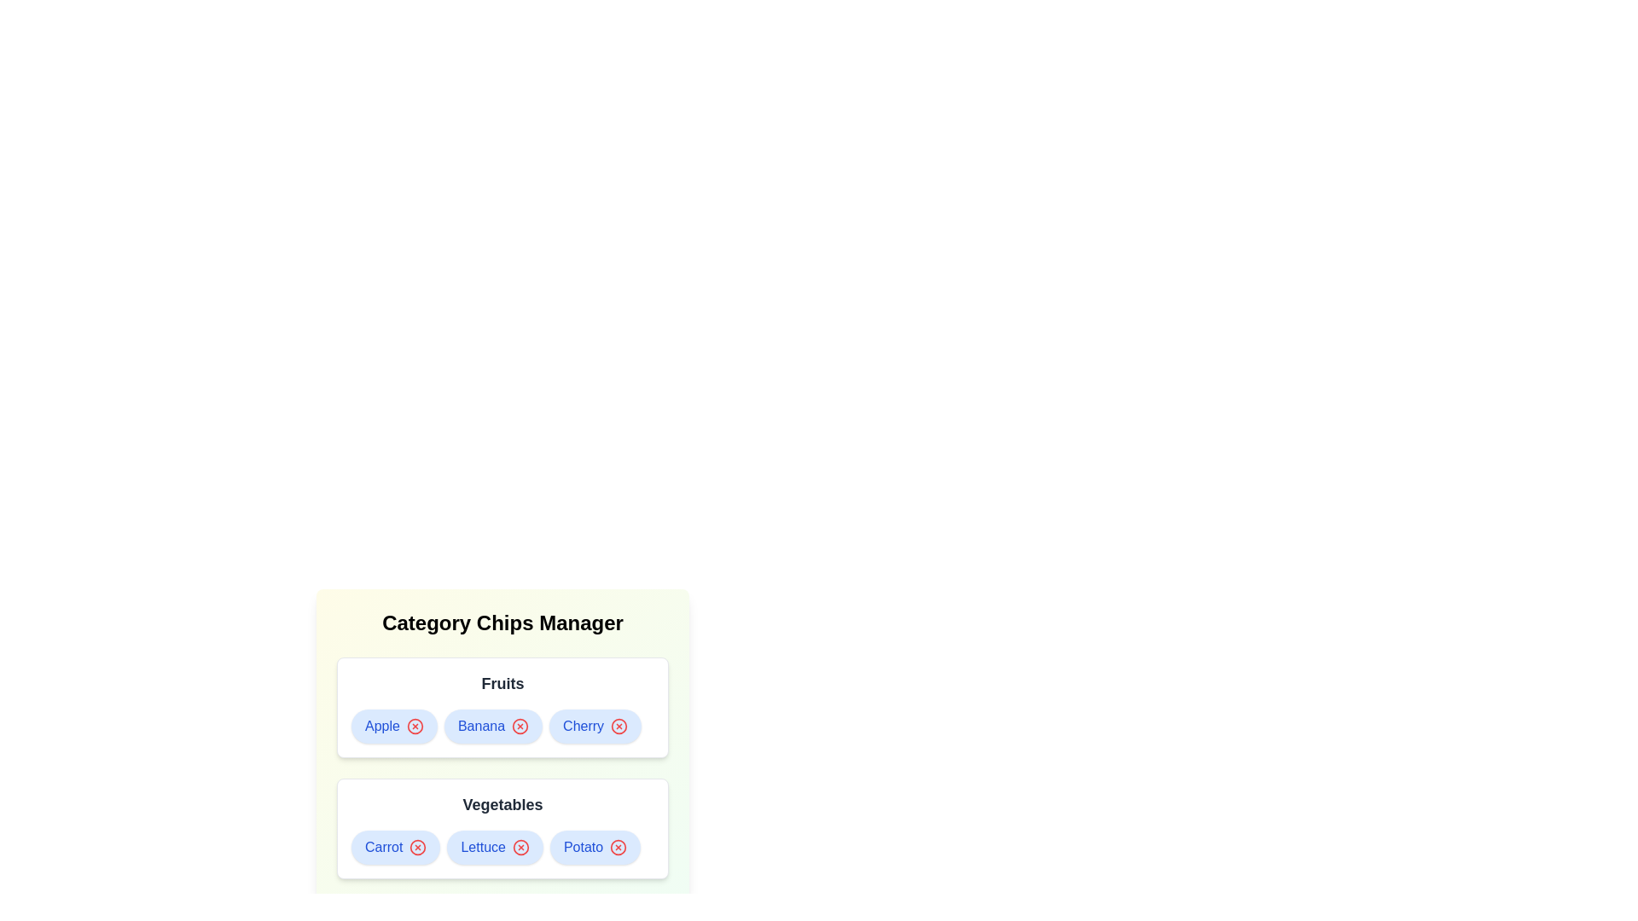 The image size is (1638, 921). What do you see at coordinates (395, 848) in the screenshot?
I see `the chip labeled Carrot to observe its hover effect` at bounding box center [395, 848].